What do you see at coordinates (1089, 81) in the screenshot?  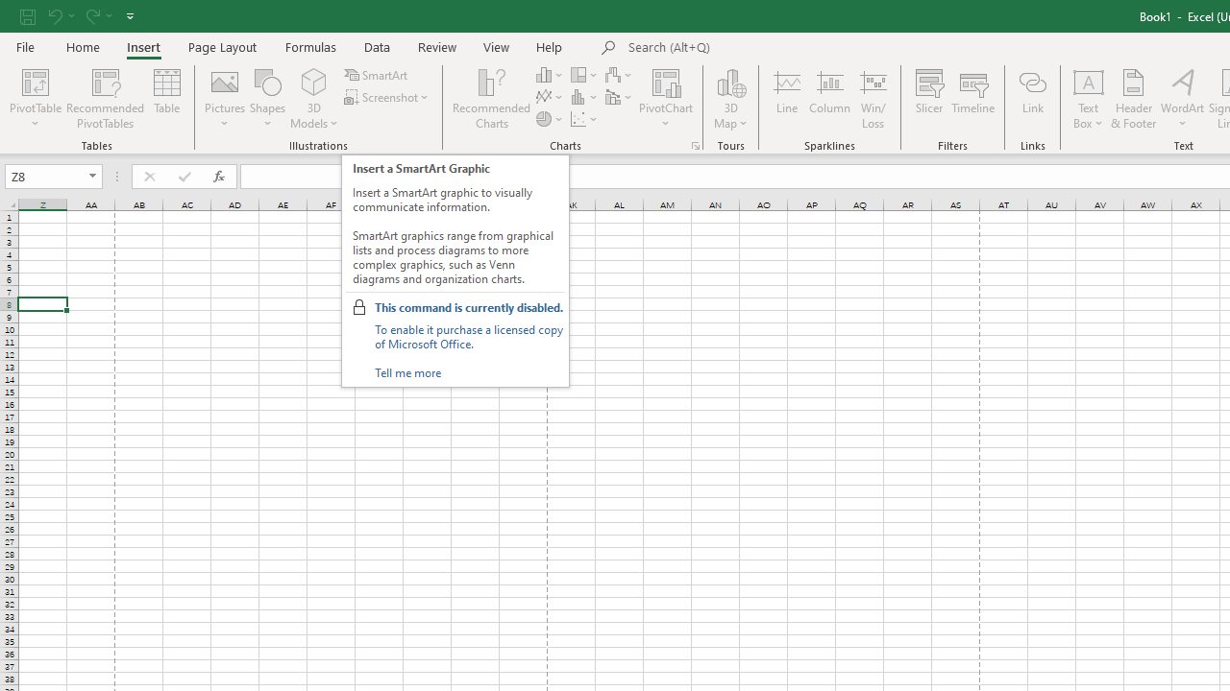 I see `'Draw Horizontal Text Box'` at bounding box center [1089, 81].